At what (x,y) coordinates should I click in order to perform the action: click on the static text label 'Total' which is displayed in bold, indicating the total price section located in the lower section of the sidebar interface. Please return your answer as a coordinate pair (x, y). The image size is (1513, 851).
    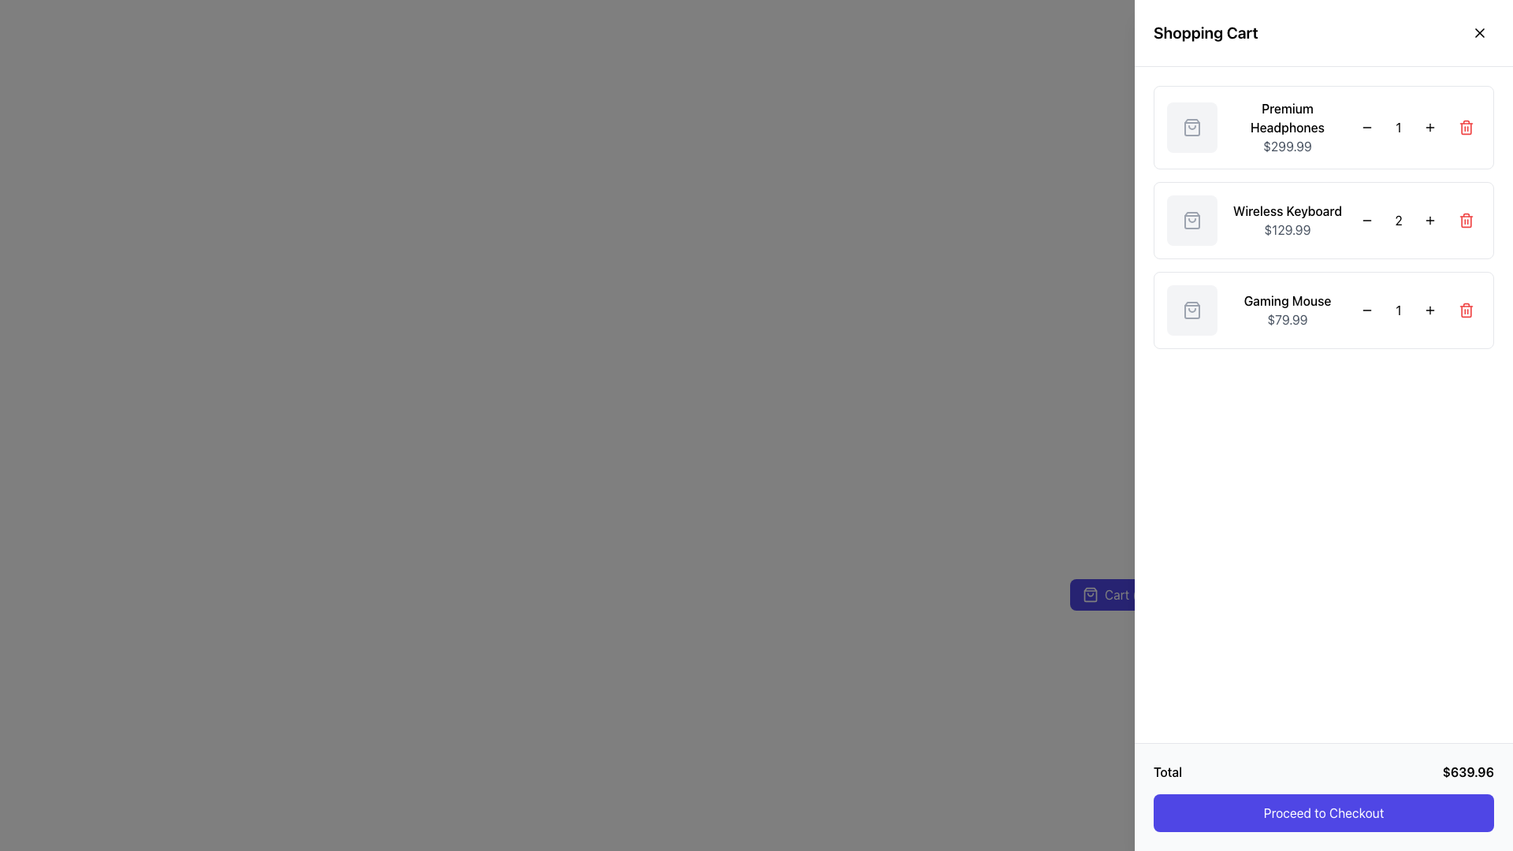
    Looking at the image, I should click on (1168, 771).